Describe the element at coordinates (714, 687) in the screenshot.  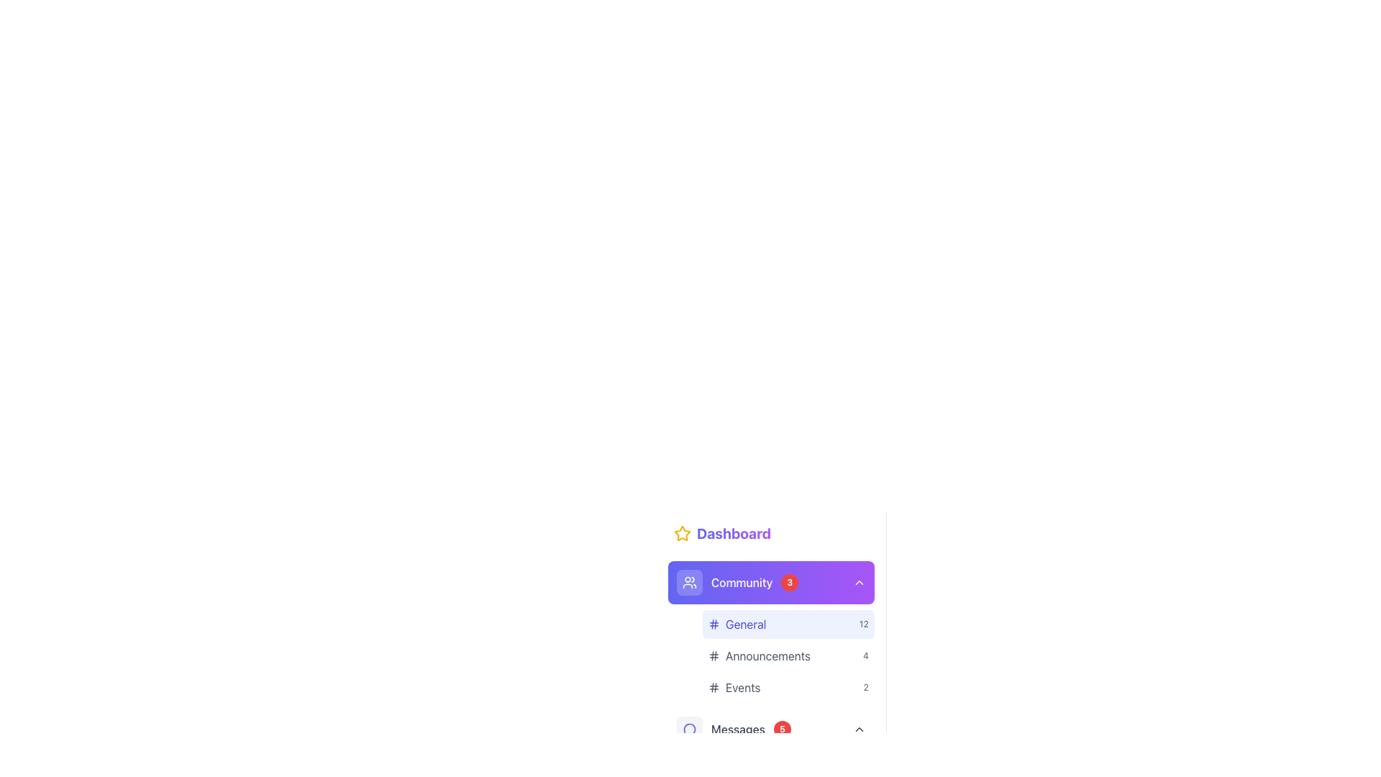
I see `the hash-like icon in the navigation menu associated with 'Events', which is located to the left of the text label` at that location.